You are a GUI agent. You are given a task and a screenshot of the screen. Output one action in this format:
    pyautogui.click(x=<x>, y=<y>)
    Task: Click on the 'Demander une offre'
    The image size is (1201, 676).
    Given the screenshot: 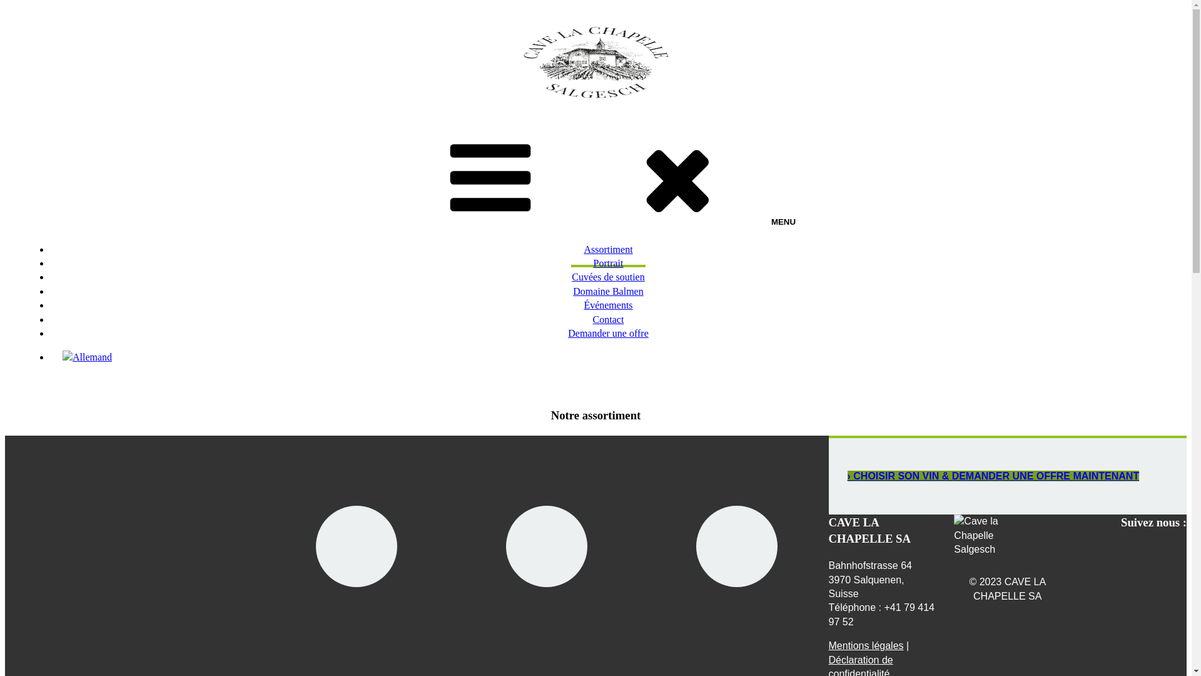 What is the action you would take?
    pyautogui.click(x=555, y=334)
    